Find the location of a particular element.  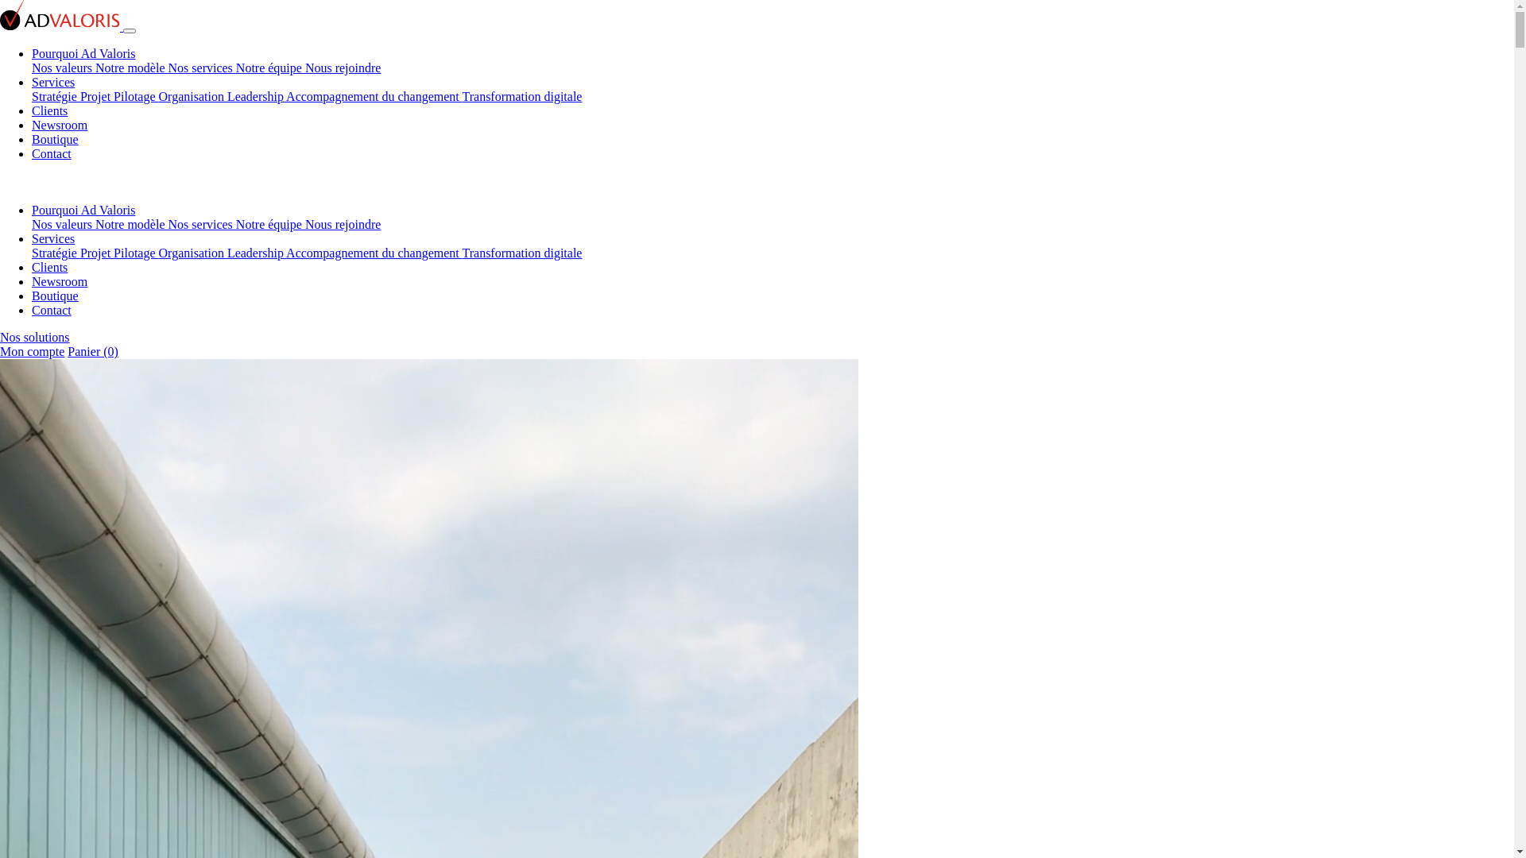

'Organisation' is located at coordinates (192, 96).